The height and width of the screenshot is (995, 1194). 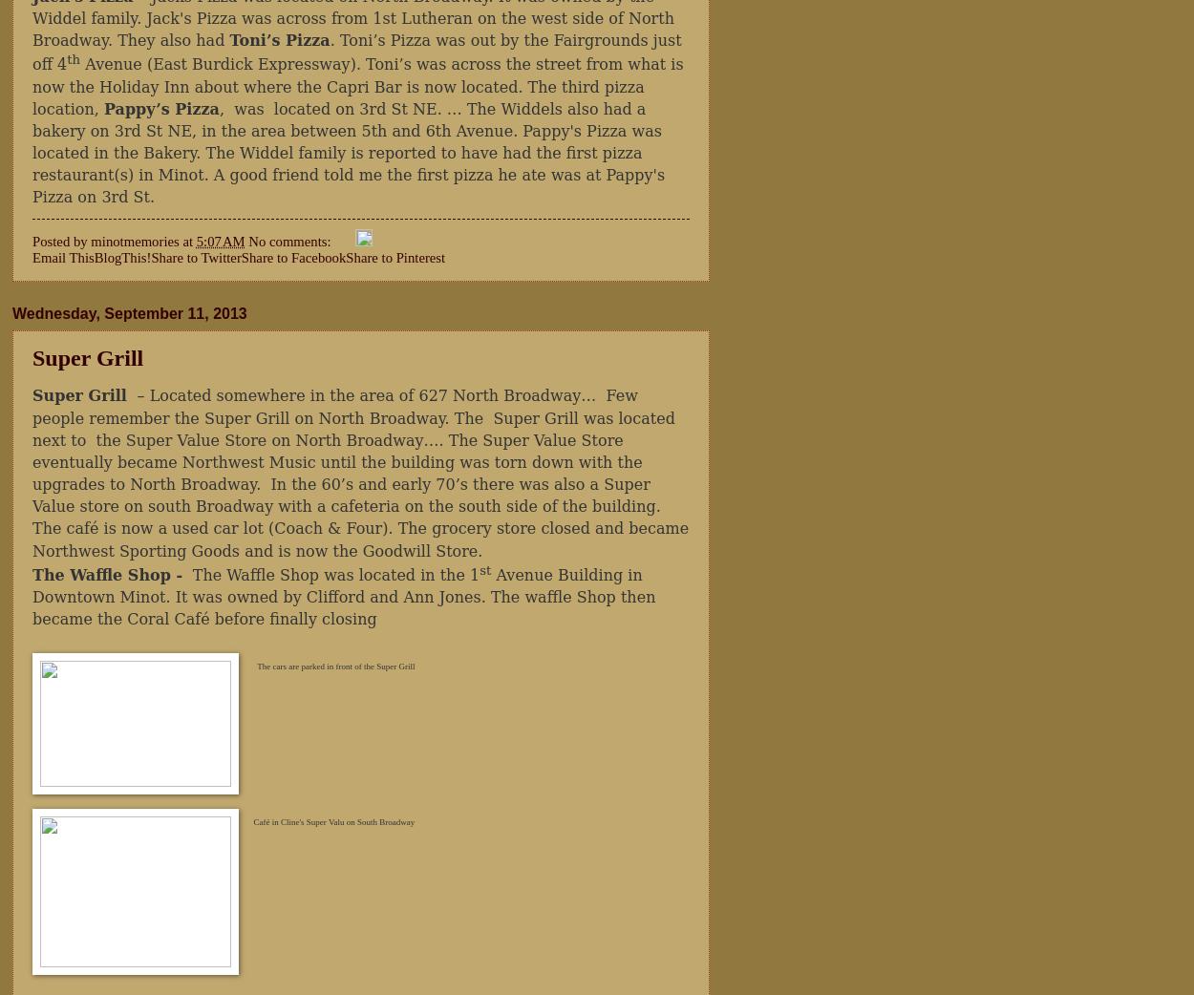 What do you see at coordinates (87, 355) in the screenshot?
I see `'Super Grill'` at bounding box center [87, 355].